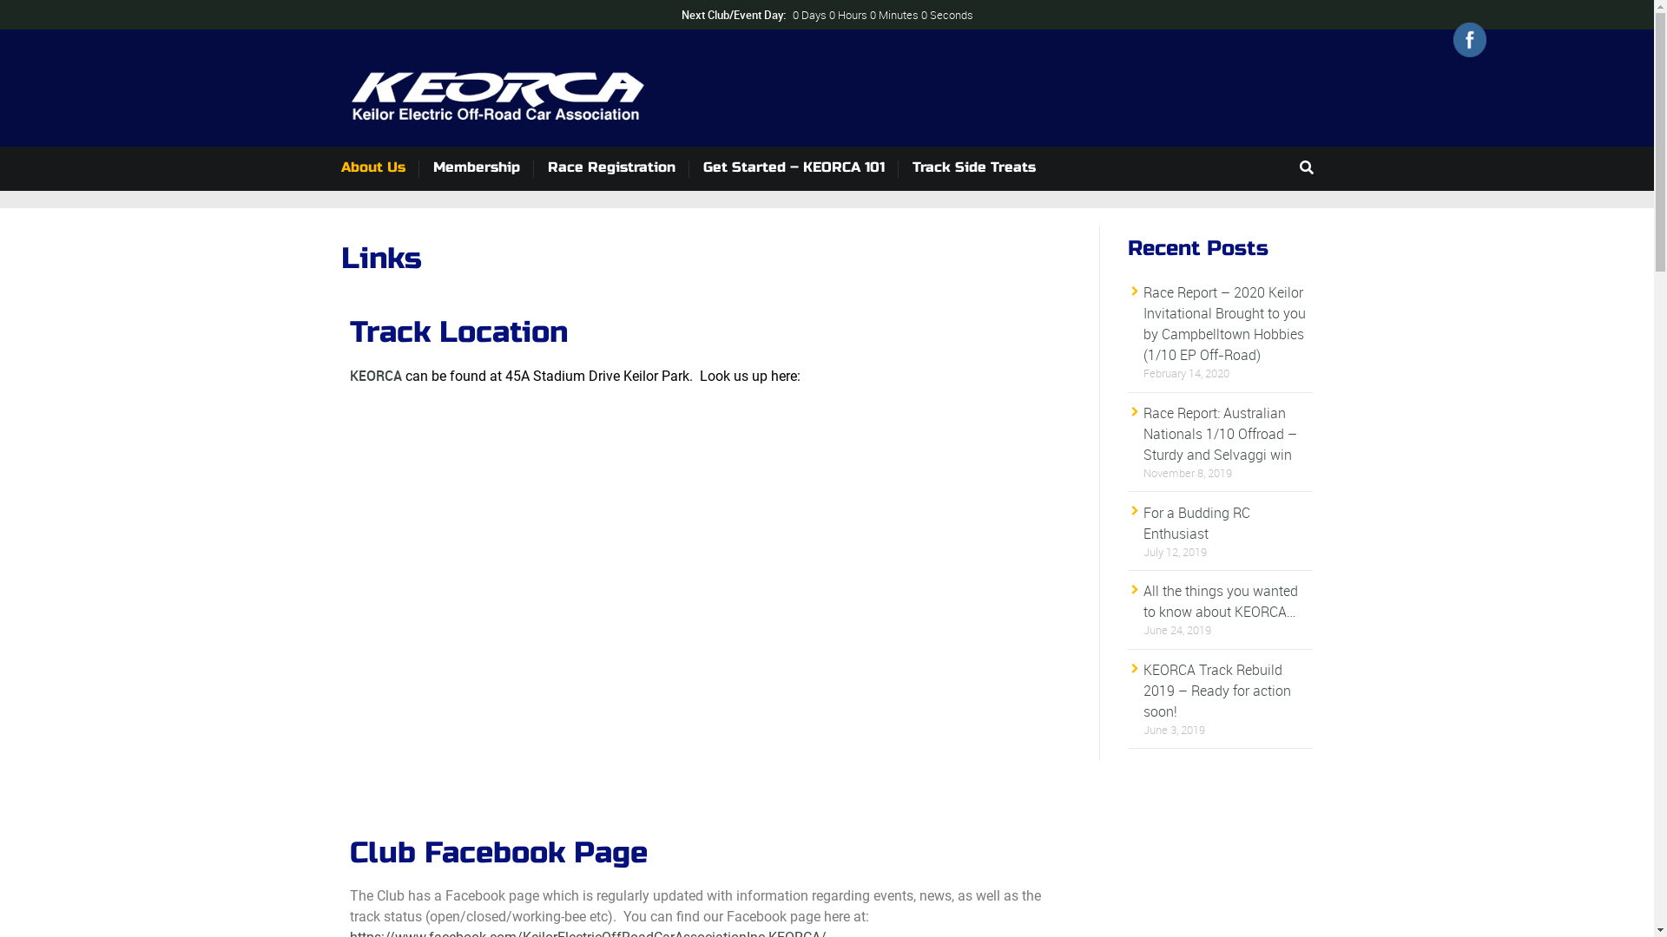 This screenshot has width=1667, height=937. Describe the element at coordinates (979, 168) in the screenshot. I see `'Track Side Treats'` at that location.